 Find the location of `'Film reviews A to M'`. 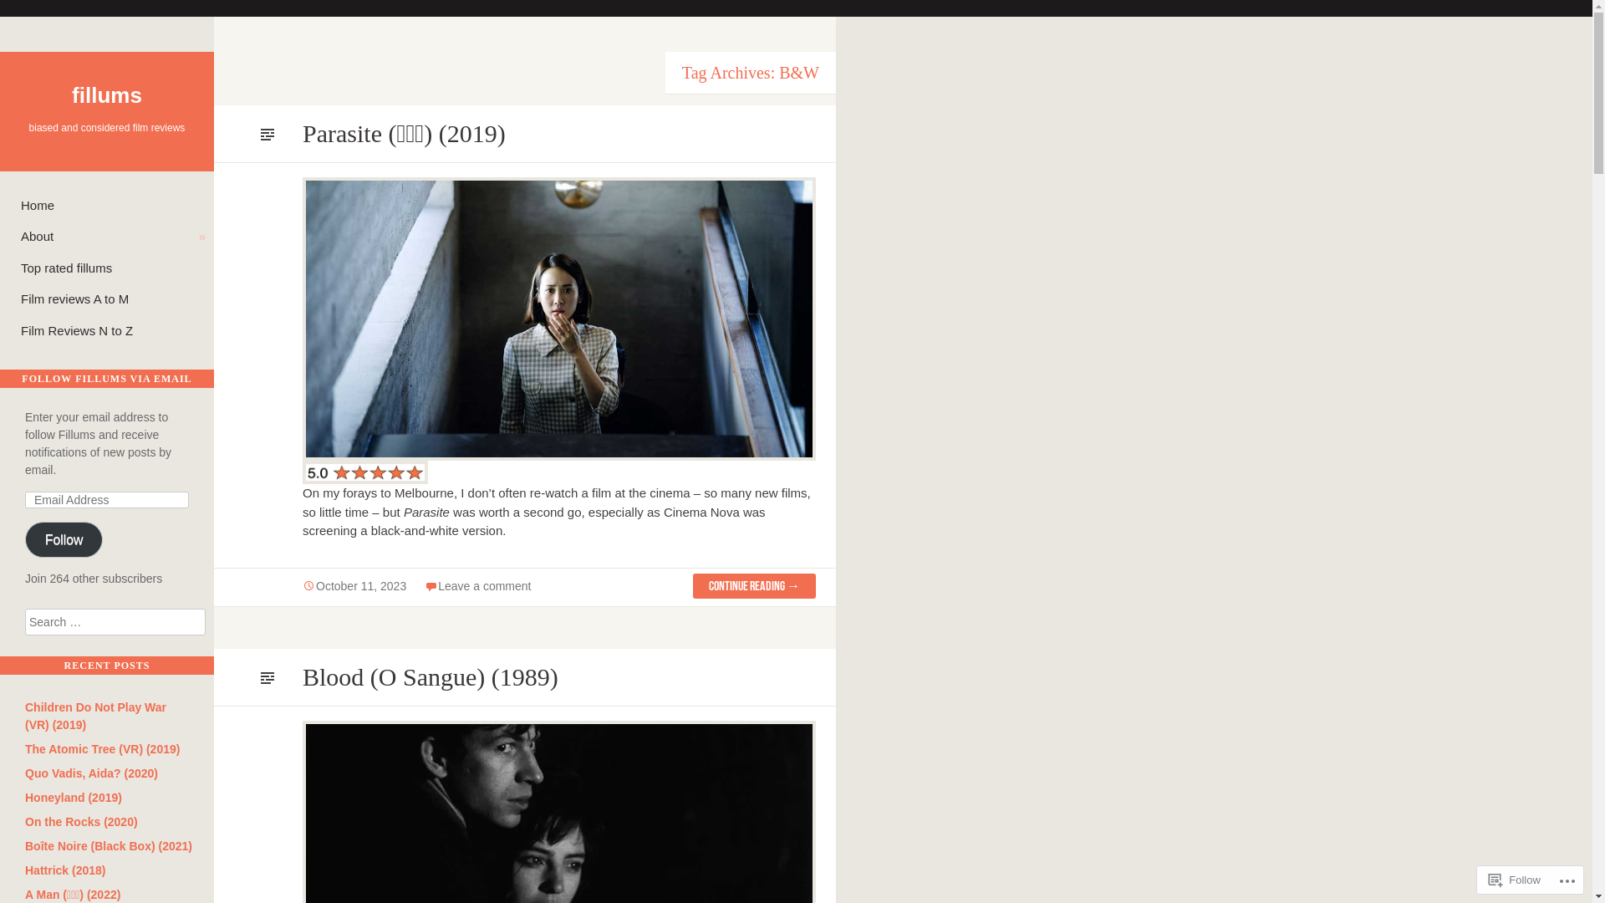

'Film reviews A to M' is located at coordinates (112, 298).